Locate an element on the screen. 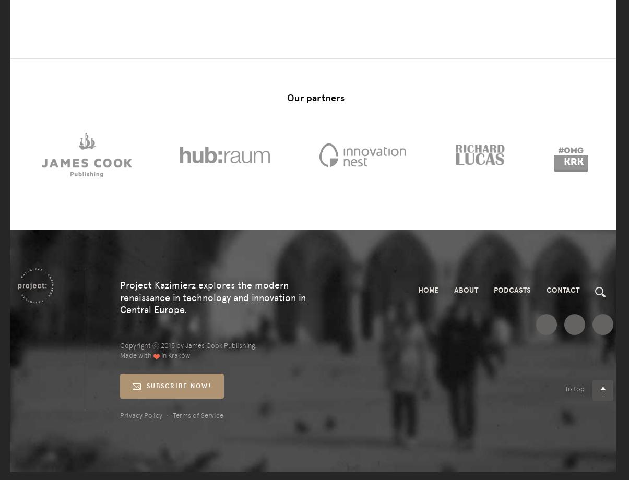 The height and width of the screenshot is (480, 629). '04:53' is located at coordinates (39, 154).